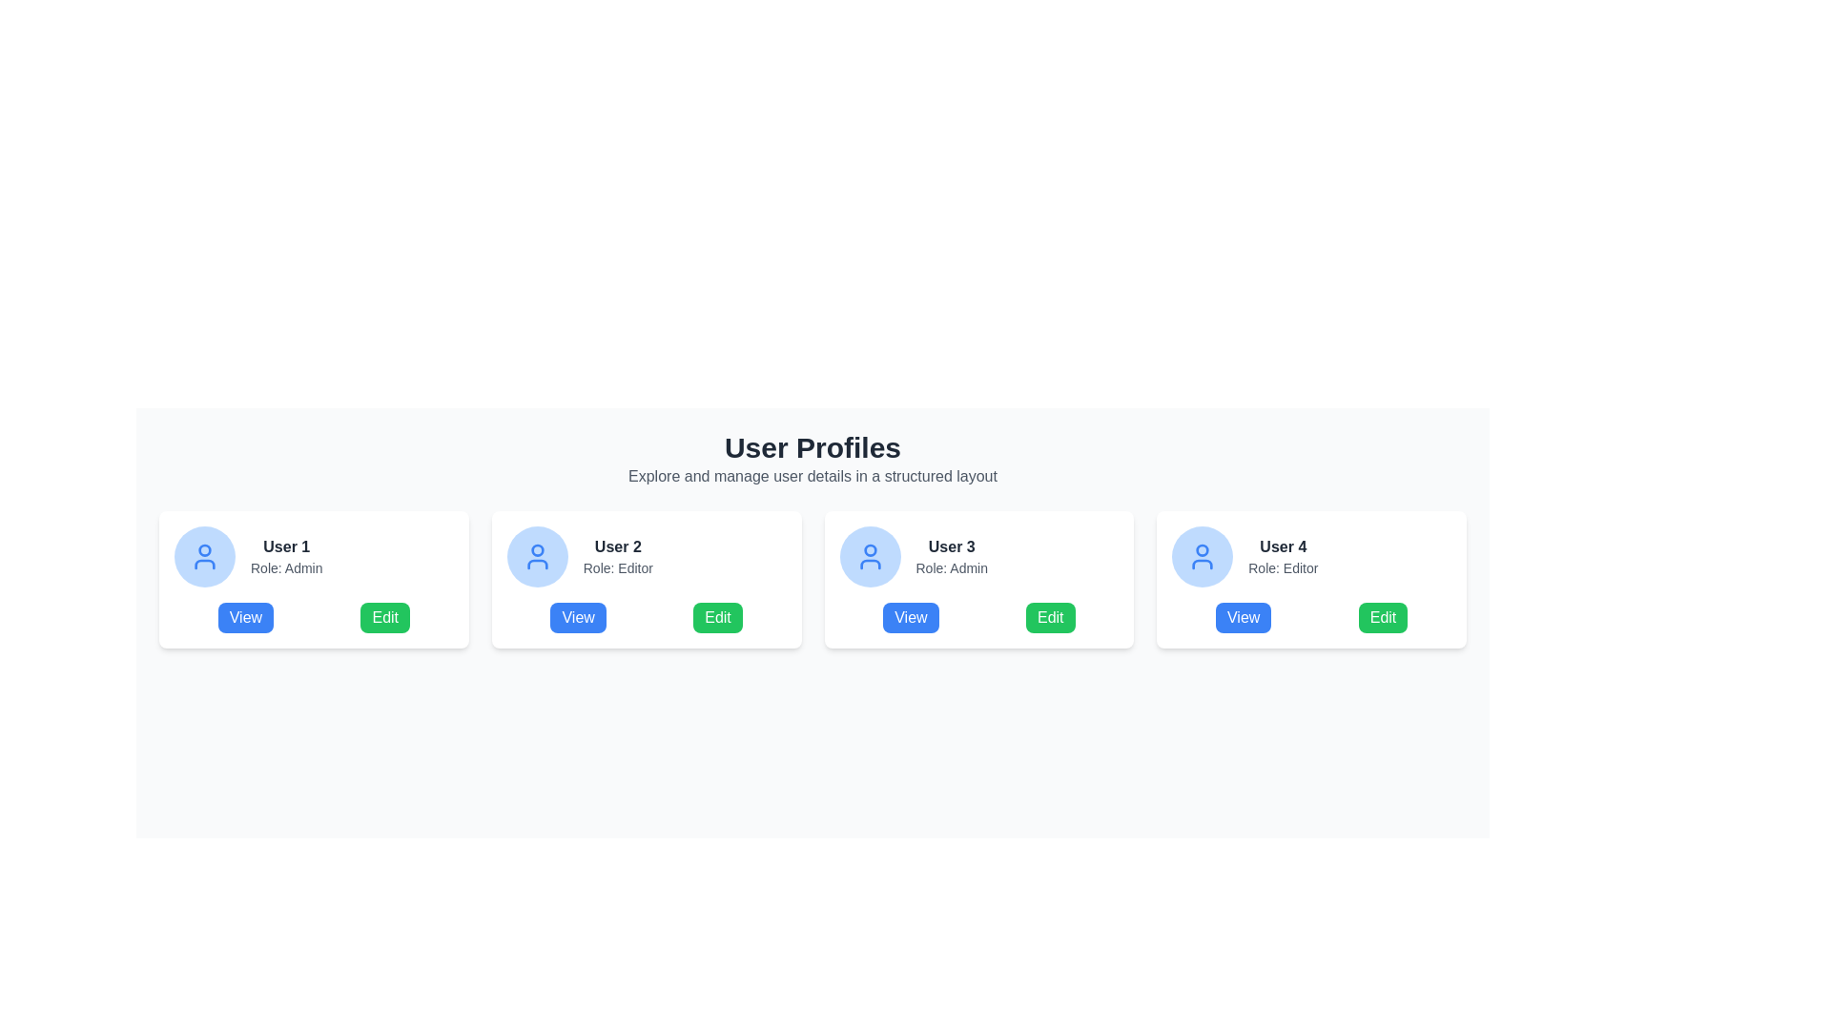  What do you see at coordinates (1283, 547) in the screenshot?
I see `text content of the 'User 4' label, which is displayed in bold, dark gray font at the top of the fourth card in the 'User Profiles' section` at bounding box center [1283, 547].